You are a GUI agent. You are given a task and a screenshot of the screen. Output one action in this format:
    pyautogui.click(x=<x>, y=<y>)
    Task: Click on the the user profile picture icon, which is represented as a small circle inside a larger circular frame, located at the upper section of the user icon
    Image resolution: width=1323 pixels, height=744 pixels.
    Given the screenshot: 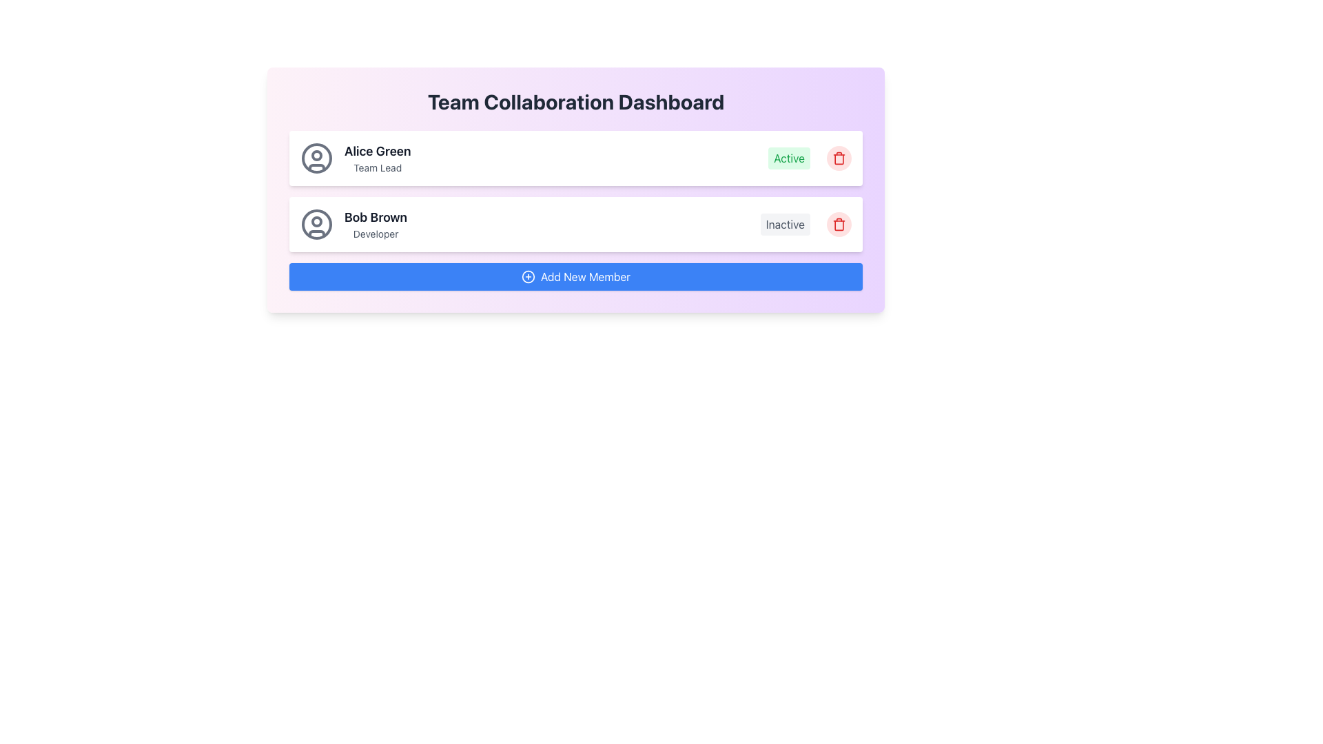 What is the action you would take?
    pyautogui.click(x=316, y=155)
    